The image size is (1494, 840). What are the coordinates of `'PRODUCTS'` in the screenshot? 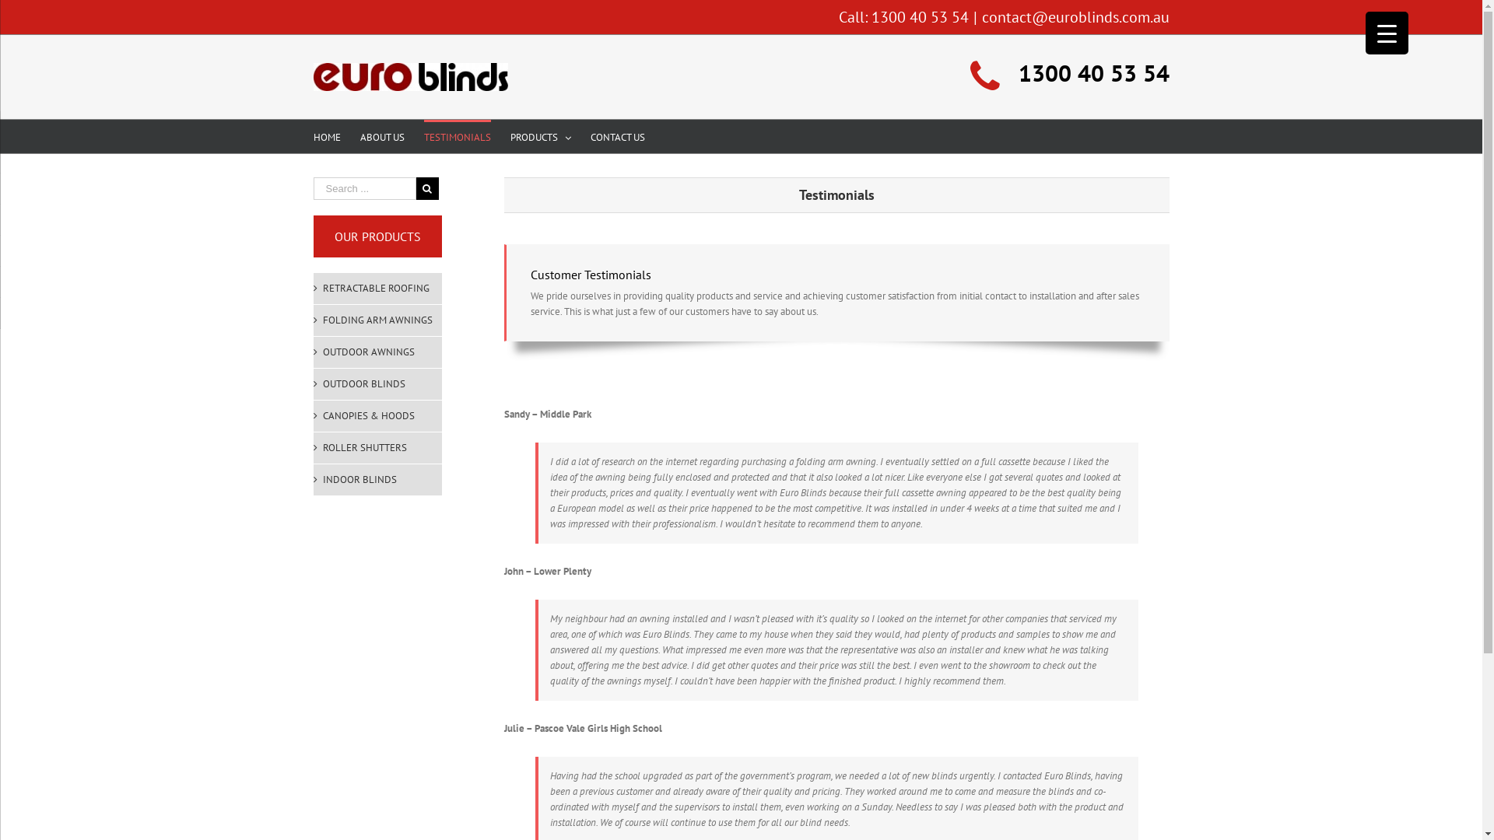 It's located at (541, 135).